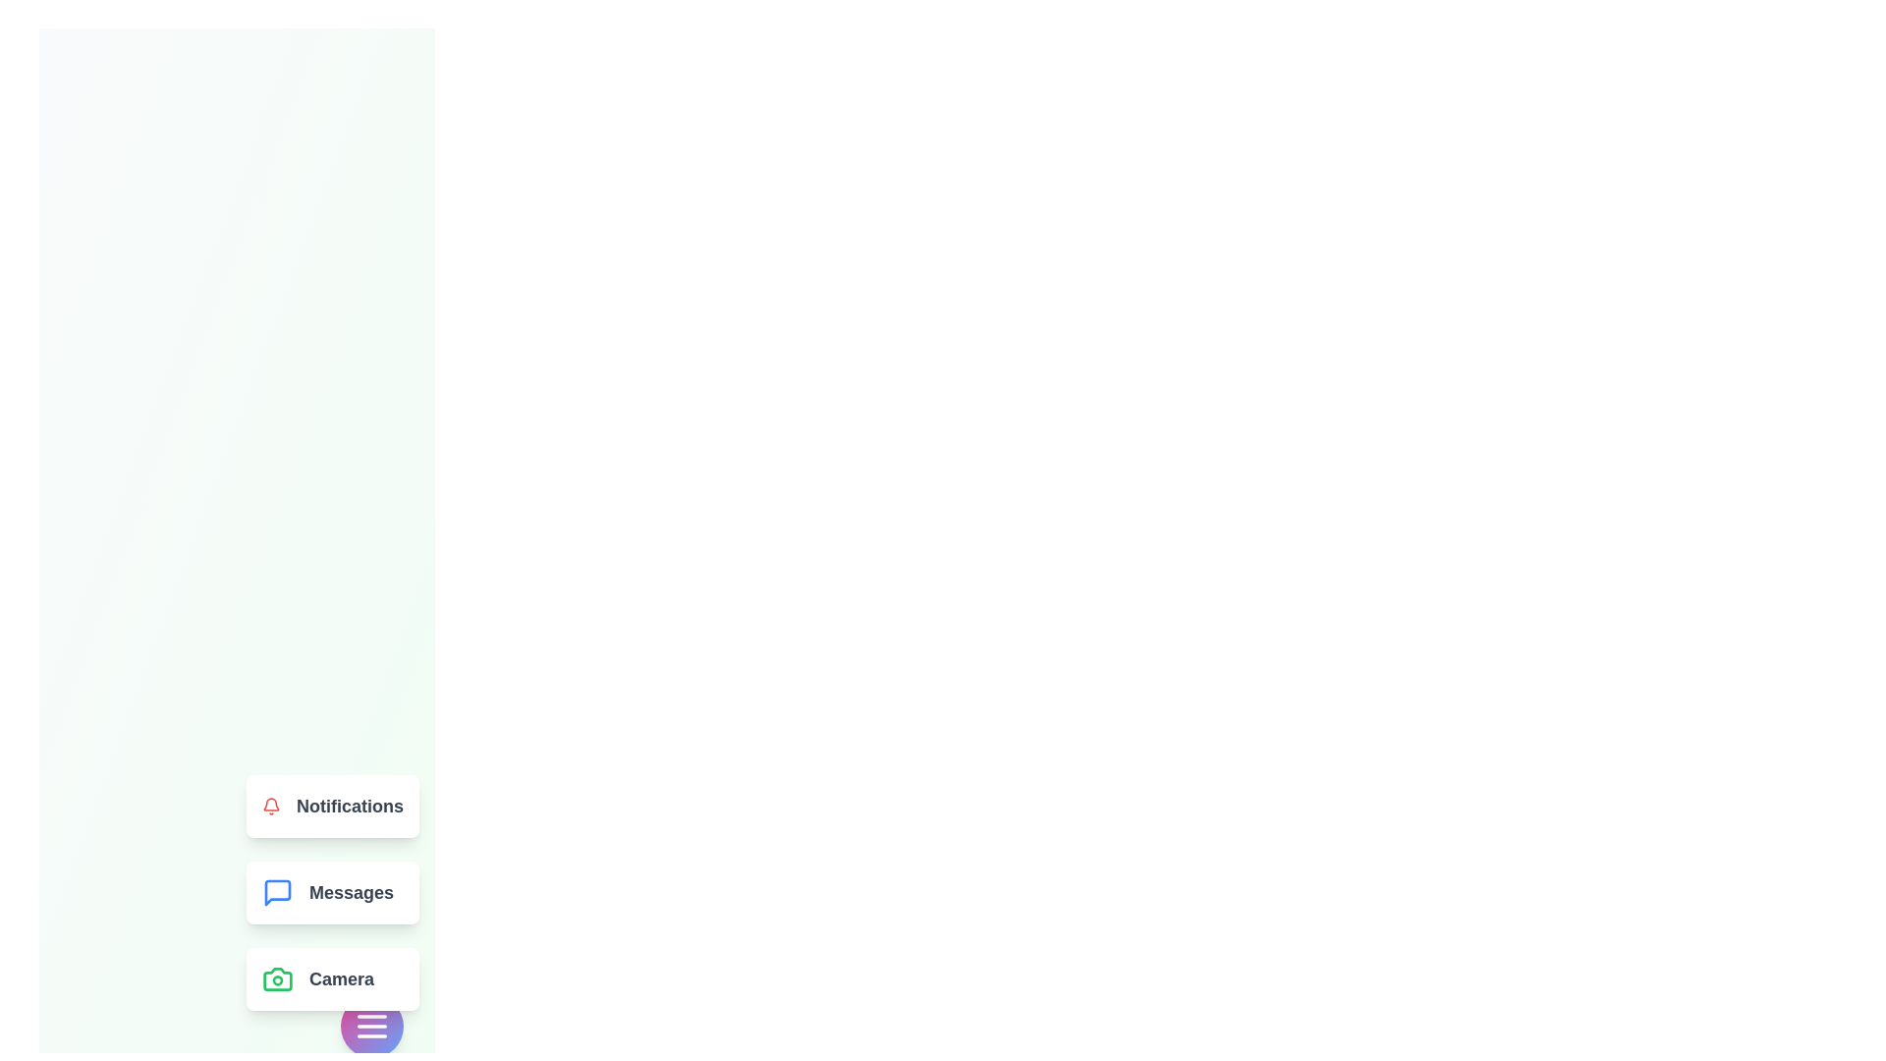 The width and height of the screenshot is (1886, 1061). Describe the element at coordinates (333, 893) in the screenshot. I see `the 'Messages' option in the DynamicSpeedDial menu` at that location.